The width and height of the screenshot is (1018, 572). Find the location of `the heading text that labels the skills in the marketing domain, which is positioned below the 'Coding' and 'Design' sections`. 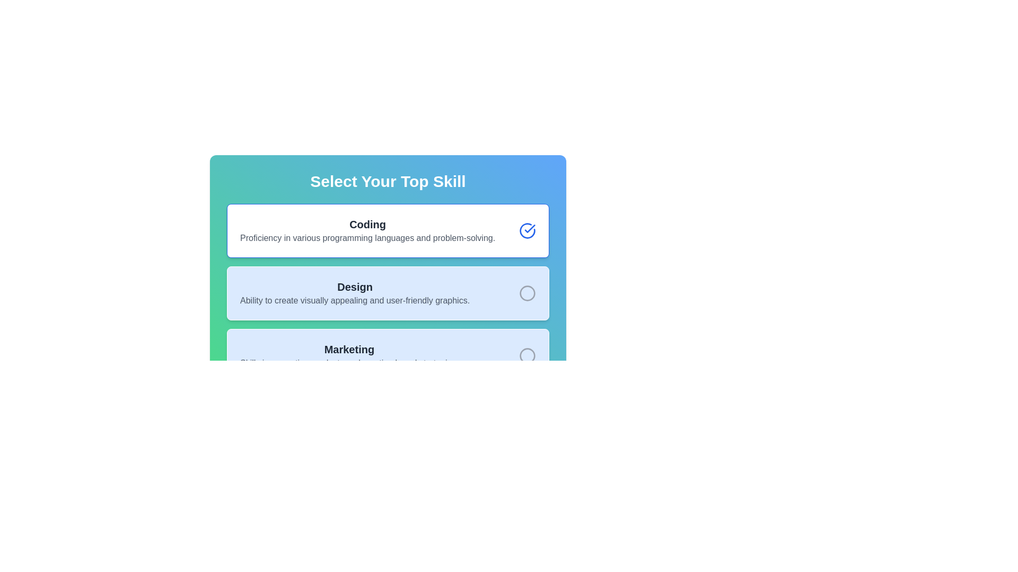

the heading text that labels the skills in the marketing domain, which is positioned below the 'Coding' and 'Design' sections is located at coordinates (349, 349).